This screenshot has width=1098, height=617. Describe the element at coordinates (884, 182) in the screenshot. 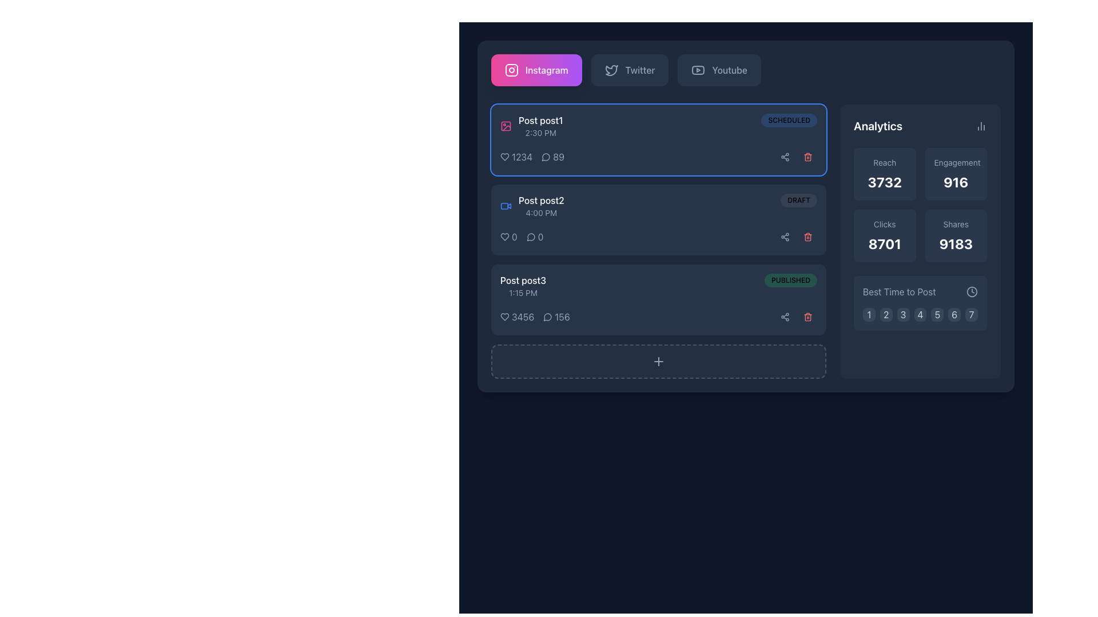

I see `the text display component showing the number '3732'` at that location.